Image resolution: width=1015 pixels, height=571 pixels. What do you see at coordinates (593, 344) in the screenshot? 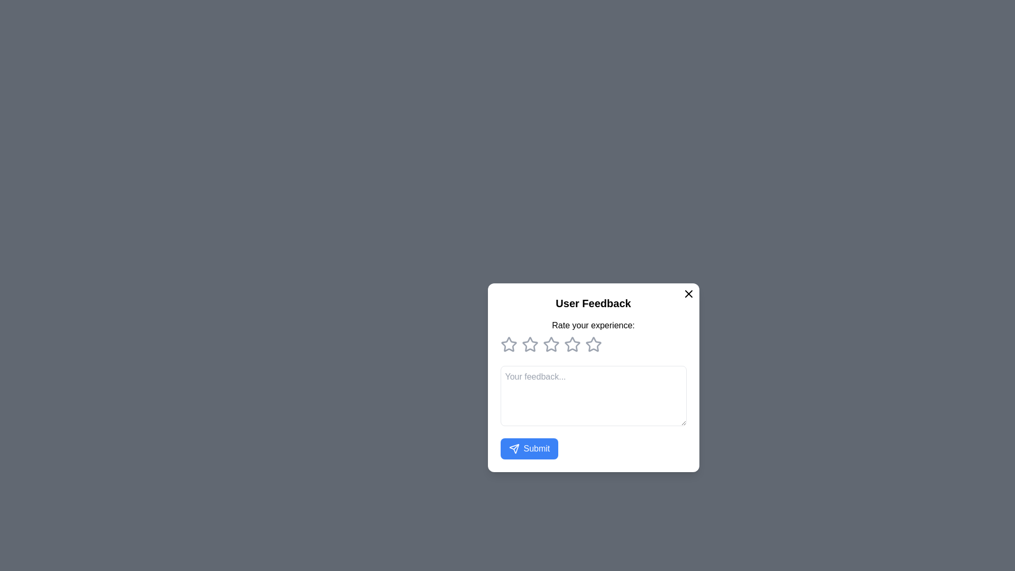
I see `the star in the Rating component located beneath the 'Rate your experience:' text in the 'User Feedback' modal` at bounding box center [593, 344].